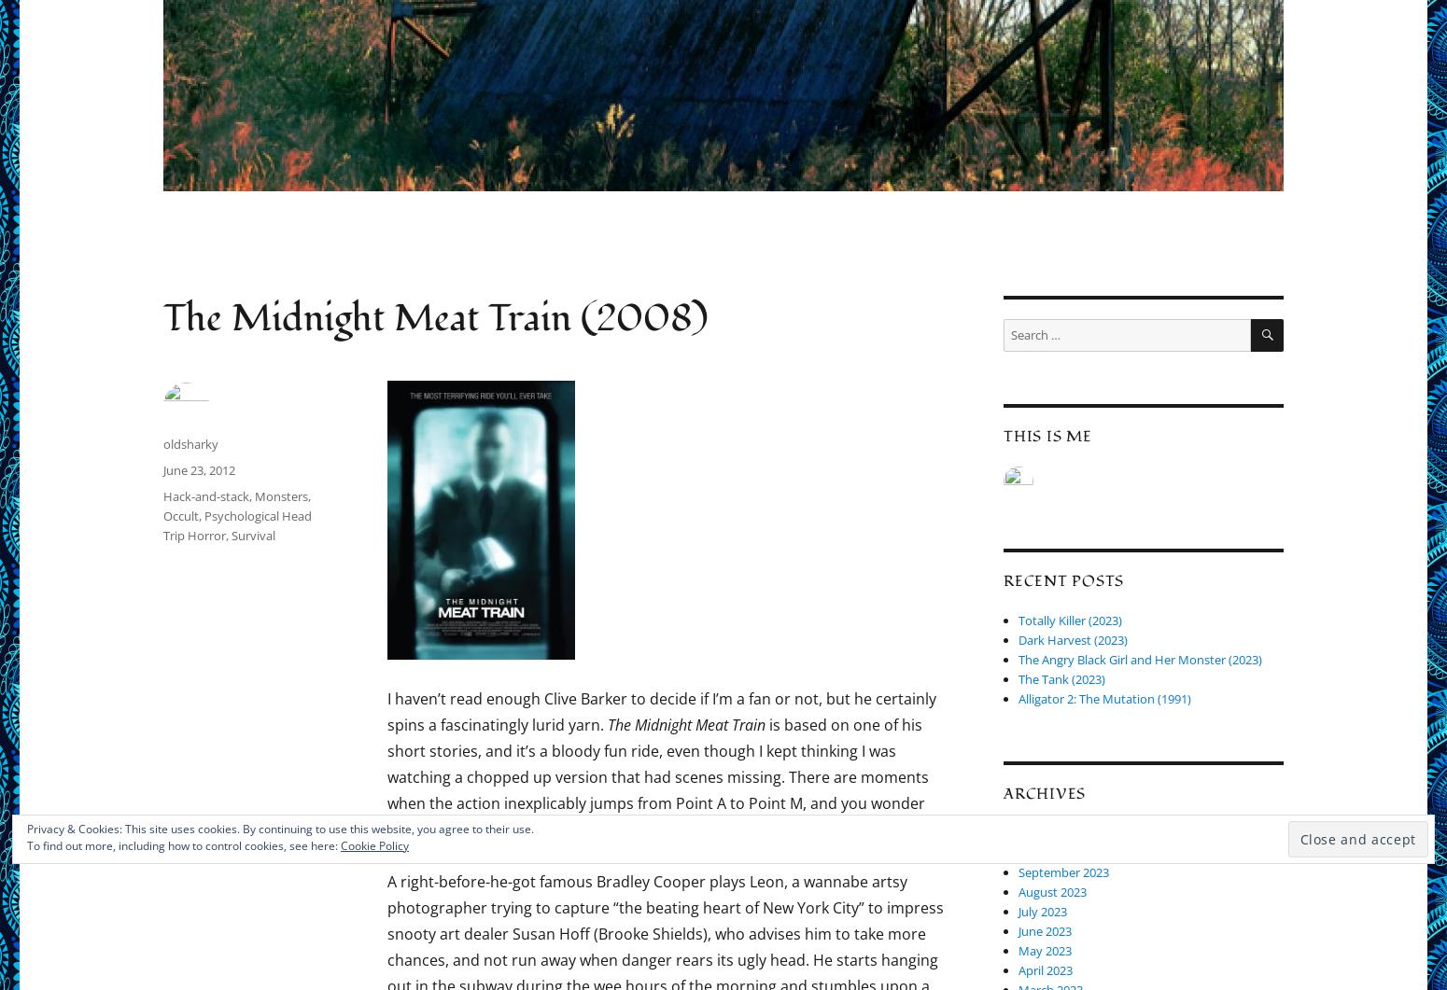 This screenshot has width=1447, height=990. Describe the element at coordinates (1045, 969) in the screenshot. I see `'April 2023'` at that location.